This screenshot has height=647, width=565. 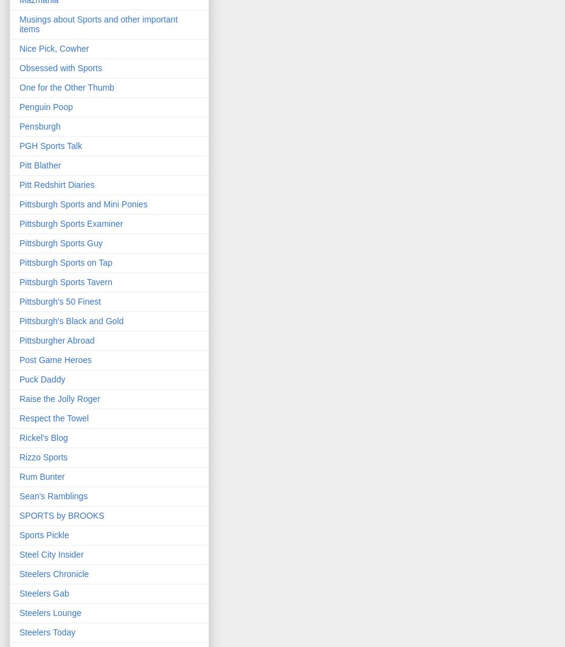 What do you see at coordinates (55, 360) in the screenshot?
I see `'Post Game Heroes'` at bounding box center [55, 360].